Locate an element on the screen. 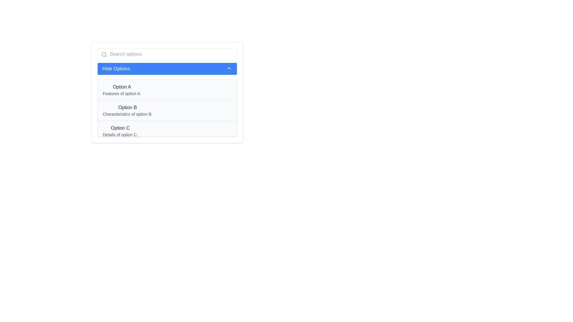  the 'Option A' text label, which is displayed in a larger bold font and dark gray color, located in the dropdown section beneath the 'Hide Options' button as the first row of selectable options is located at coordinates (121, 87).